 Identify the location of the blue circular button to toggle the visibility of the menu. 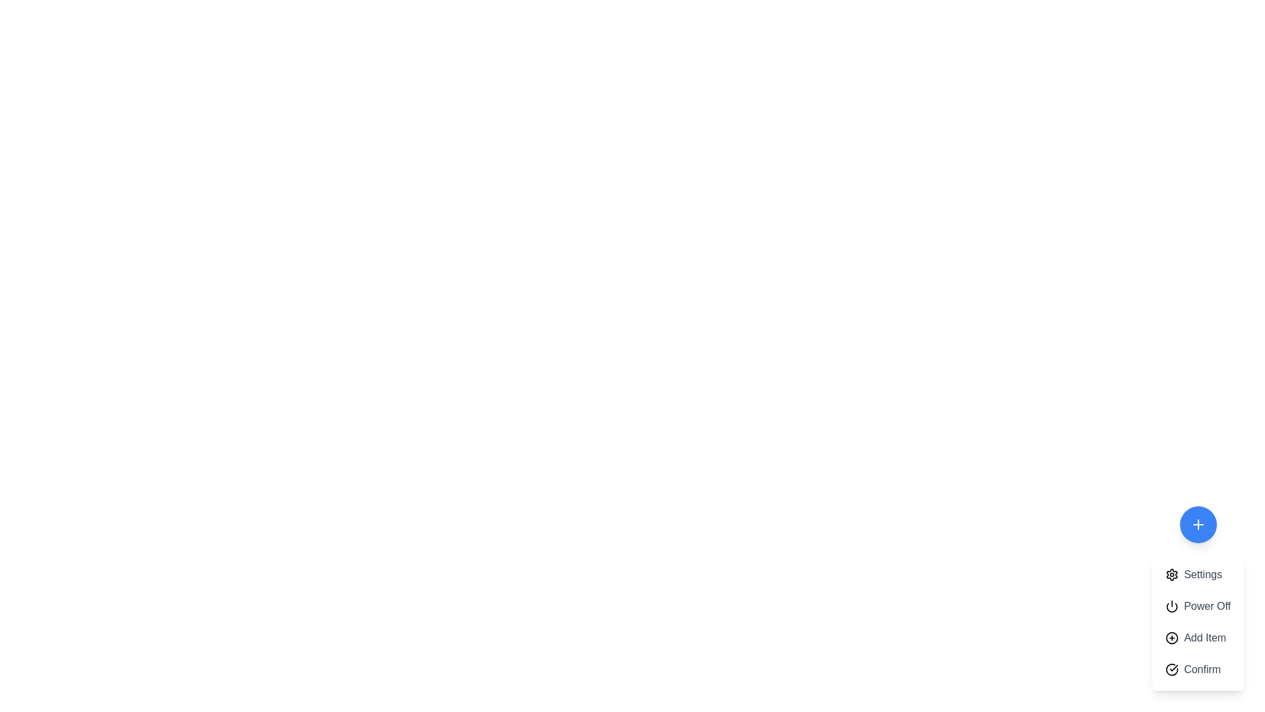
(1198, 523).